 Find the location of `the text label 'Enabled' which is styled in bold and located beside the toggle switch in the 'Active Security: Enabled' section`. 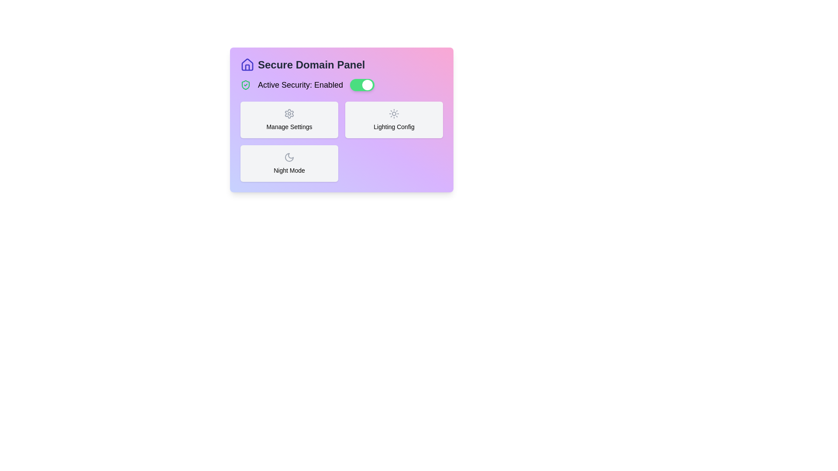

the text label 'Enabled' which is styled in bold and located beside the toggle switch in the 'Active Security: Enabled' section is located at coordinates (328, 85).